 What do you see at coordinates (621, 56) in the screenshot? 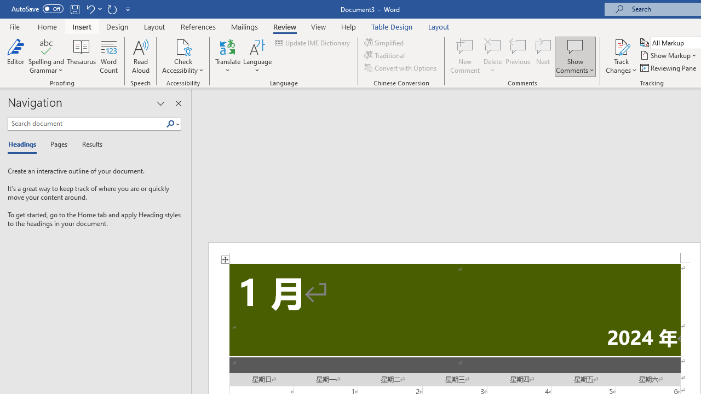
I see `'Track Changes'` at bounding box center [621, 56].